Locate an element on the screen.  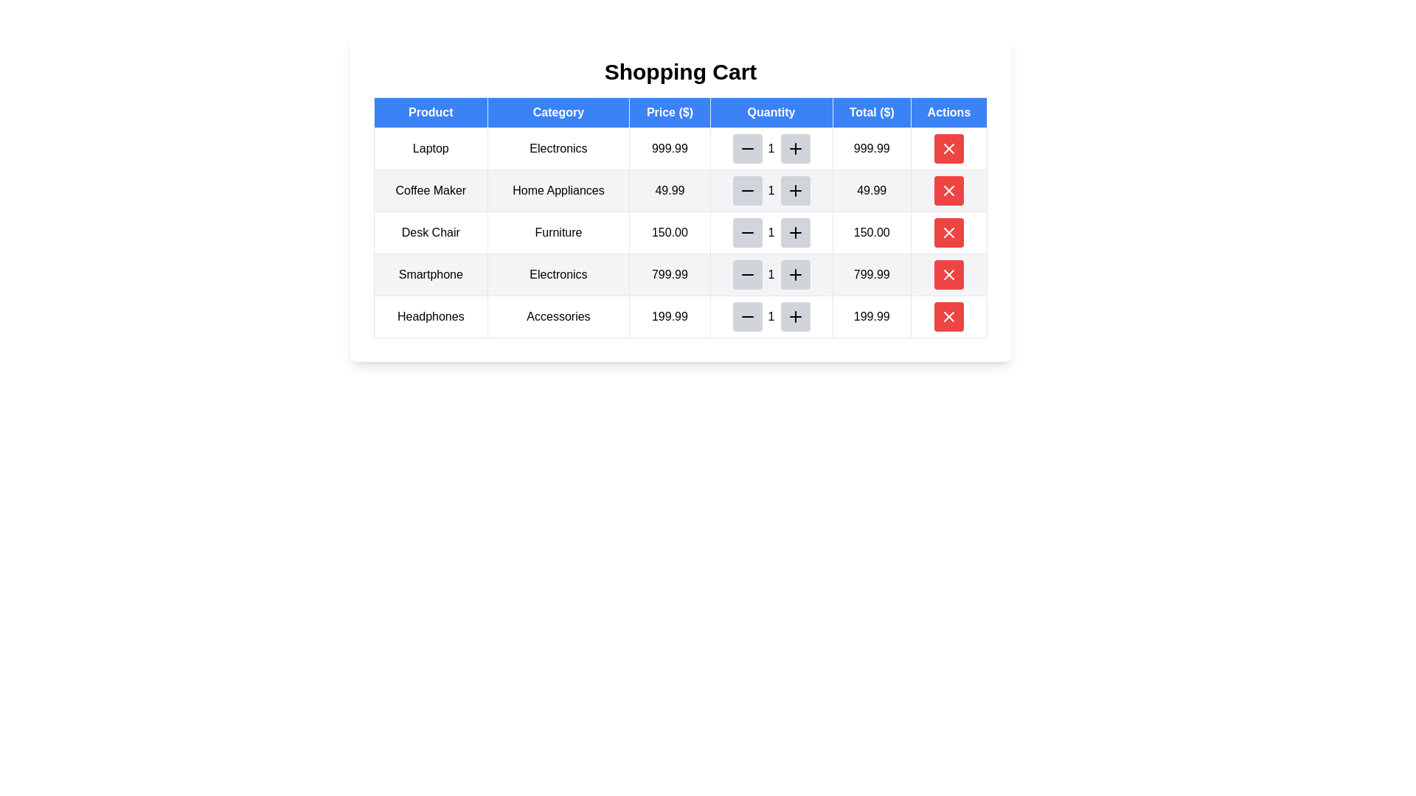
the gray rounded button with a black plus icon located in the 'Quantity' column of the shopping cart table for the product 'Coffee Maker' is located at coordinates (794, 189).